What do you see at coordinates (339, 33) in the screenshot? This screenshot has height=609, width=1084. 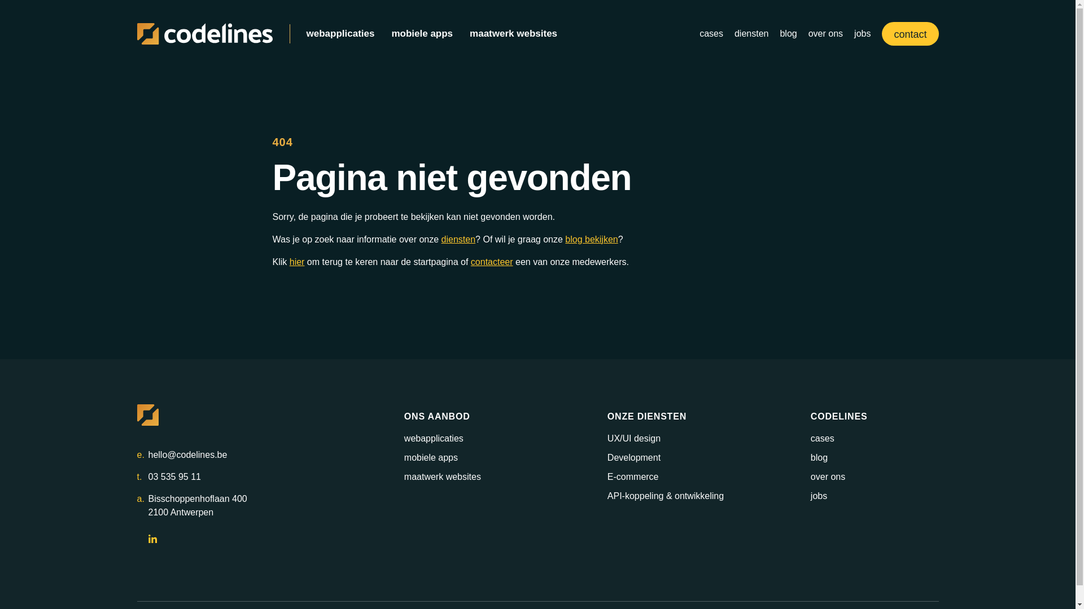 I see `'webapplicaties'` at bounding box center [339, 33].